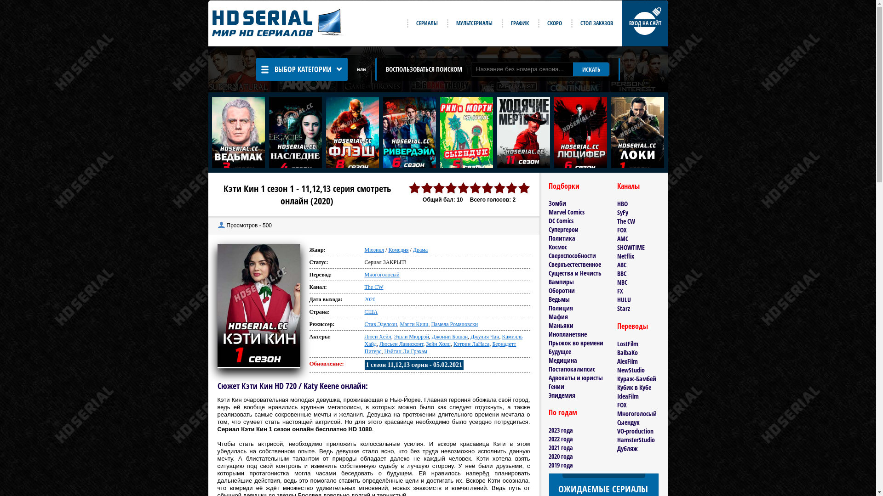  Describe the element at coordinates (369, 299) in the screenshot. I see `'2020'` at that location.